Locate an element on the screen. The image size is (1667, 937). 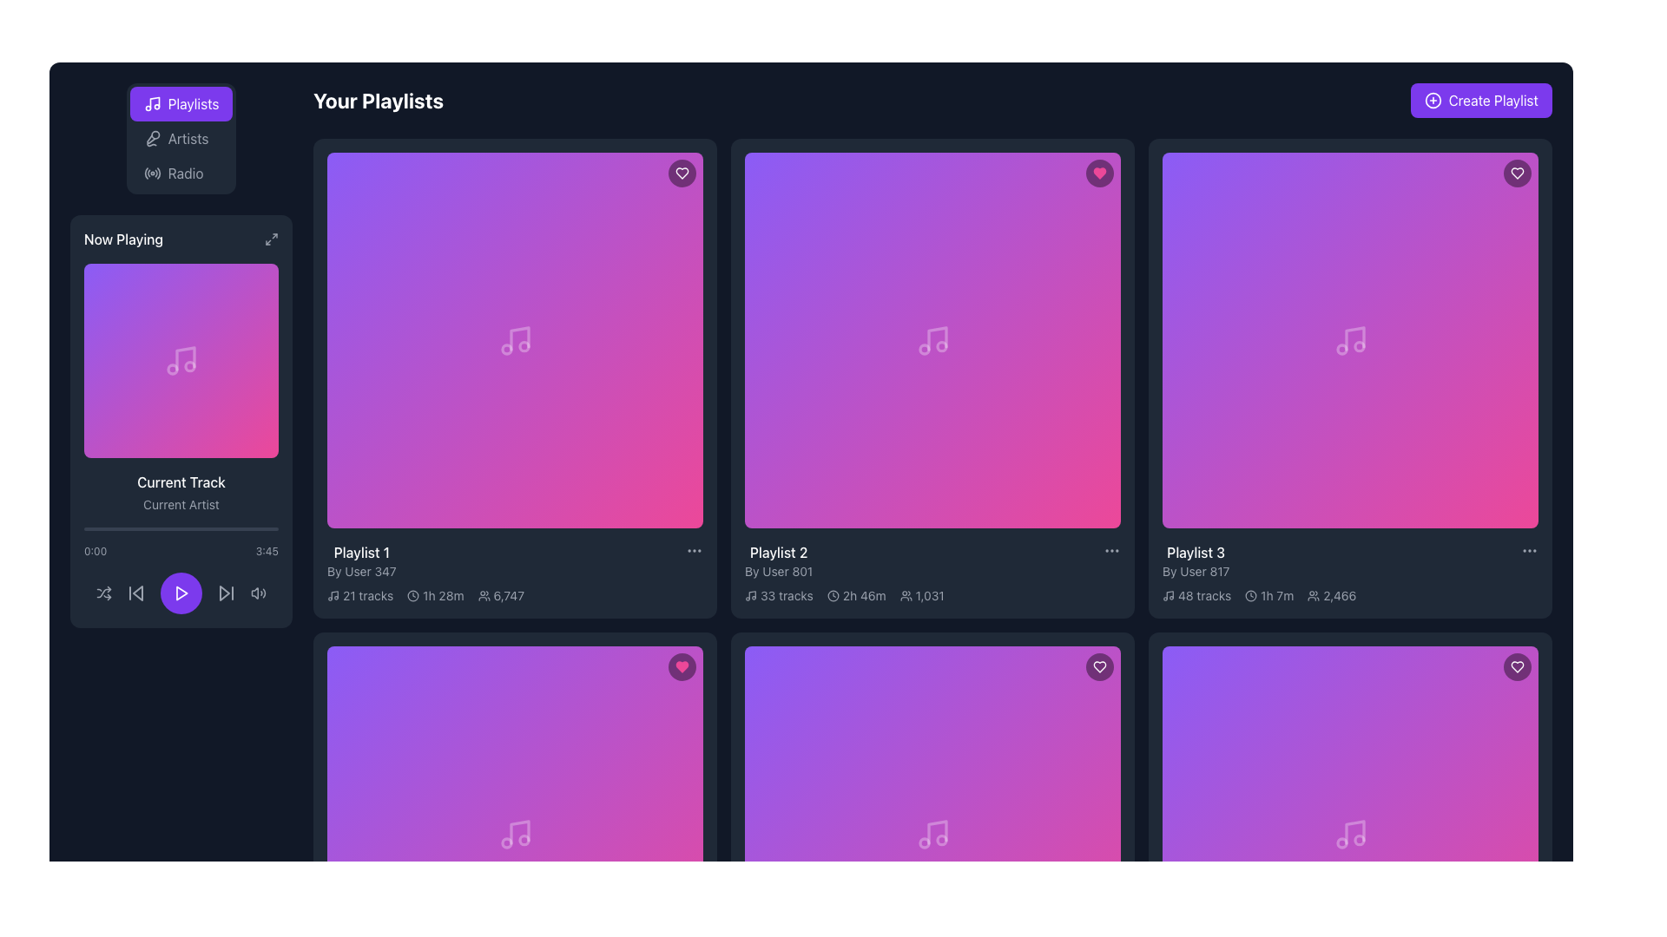
the duration indicator label located under the 'Playlist 2' card in the 'Your Playlists' section is located at coordinates (856, 594).